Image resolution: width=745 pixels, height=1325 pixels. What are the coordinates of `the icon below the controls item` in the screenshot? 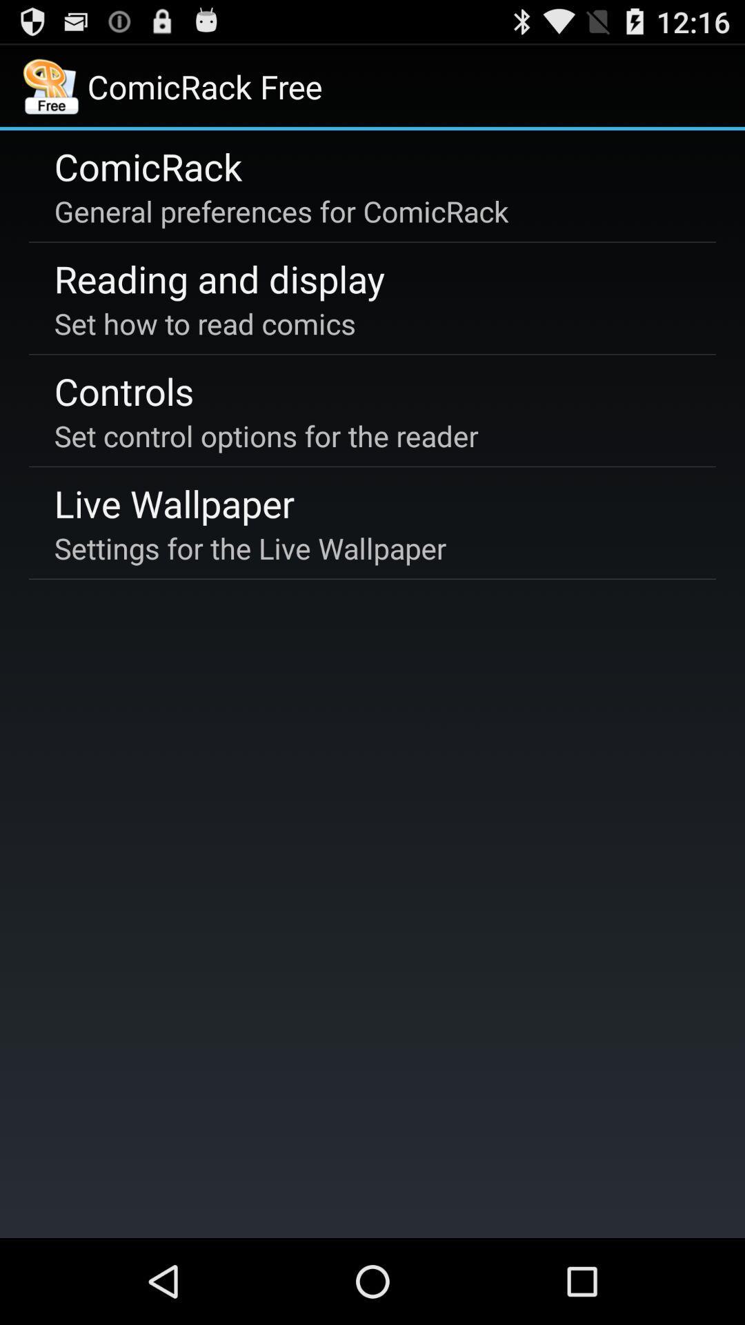 It's located at (266, 435).